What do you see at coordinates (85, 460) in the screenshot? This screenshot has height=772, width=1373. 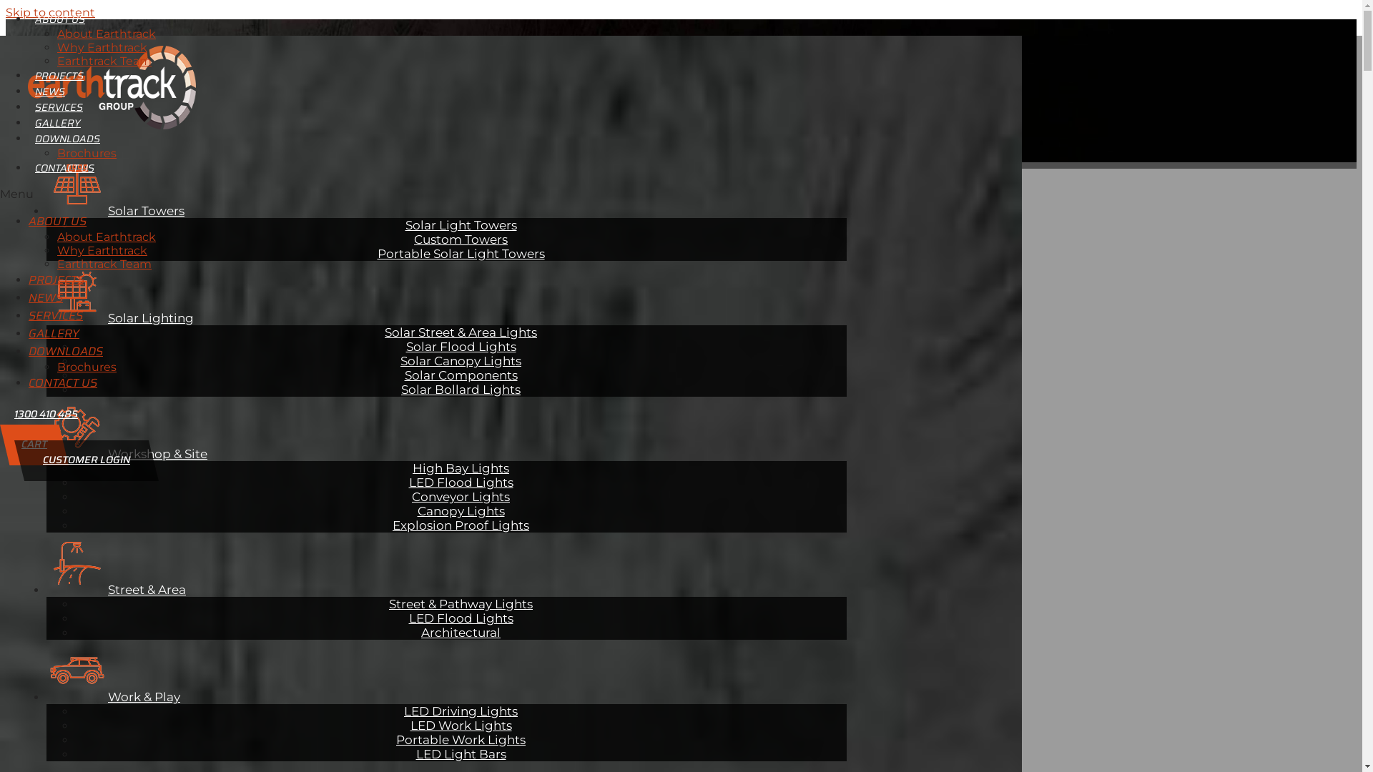 I see `'CUSTOMER LOGIN'` at bounding box center [85, 460].